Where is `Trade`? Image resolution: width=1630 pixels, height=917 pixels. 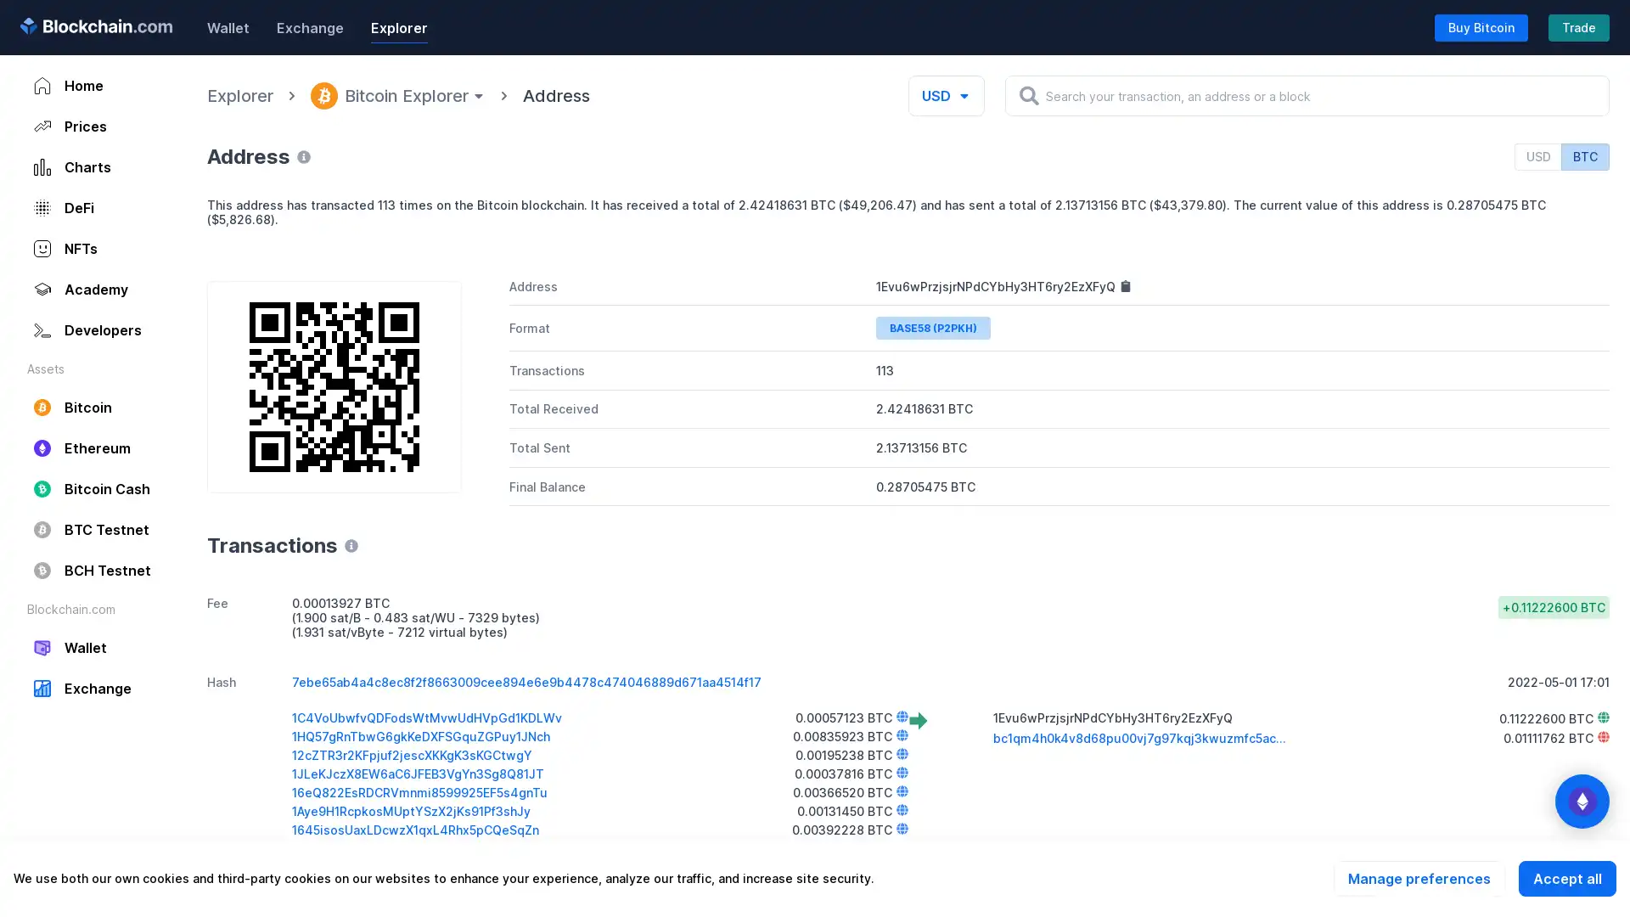
Trade is located at coordinates (1578, 26).